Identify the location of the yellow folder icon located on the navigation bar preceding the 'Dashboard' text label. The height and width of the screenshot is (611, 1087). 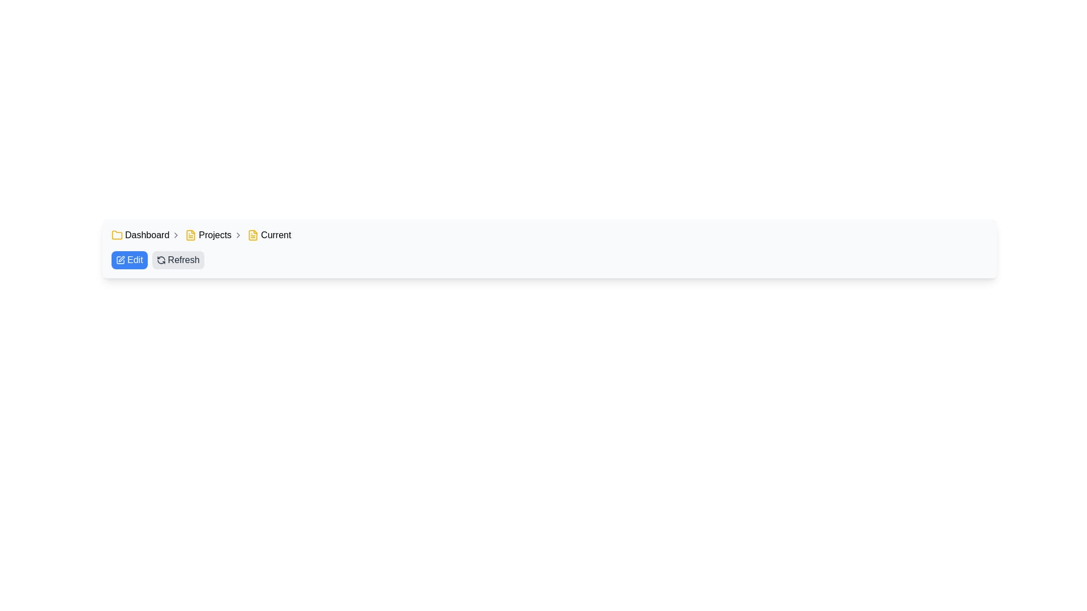
(117, 235).